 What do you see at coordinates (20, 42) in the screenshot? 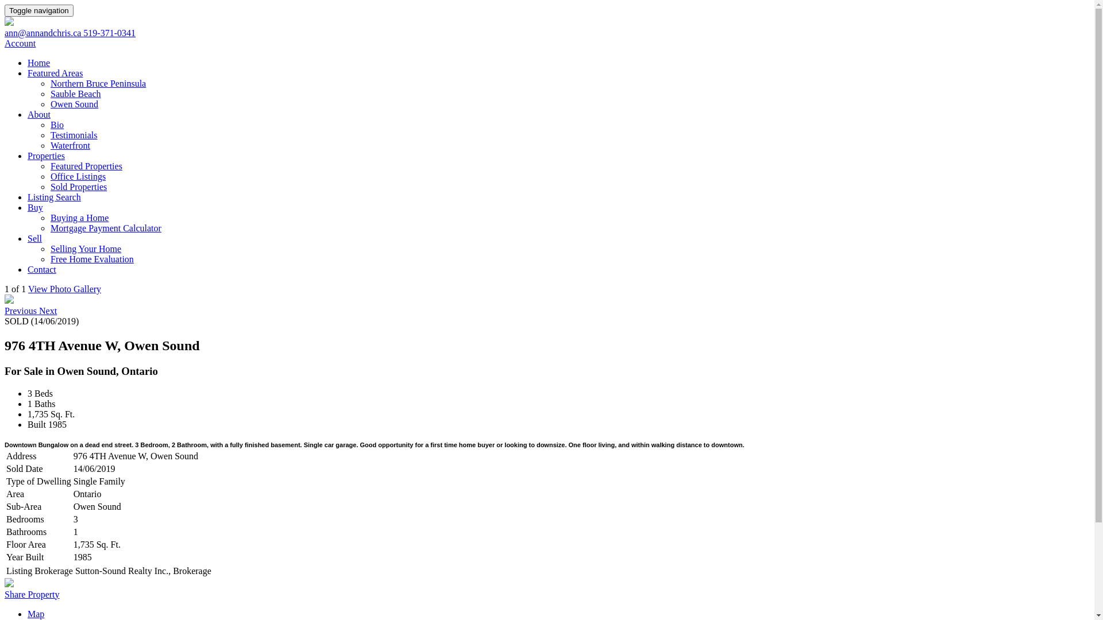
I see `'Account'` at bounding box center [20, 42].